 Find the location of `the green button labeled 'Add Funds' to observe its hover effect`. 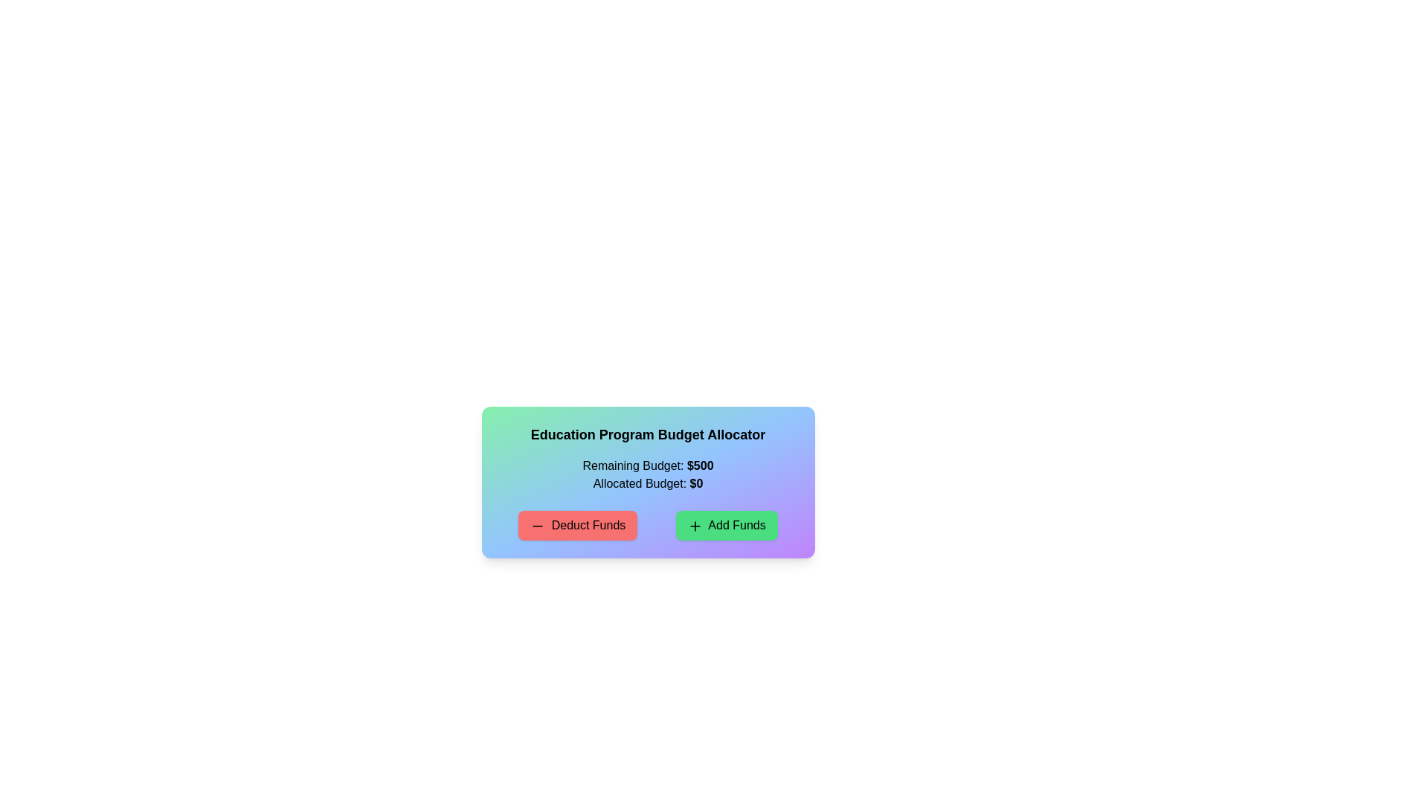

the green button labeled 'Add Funds' to observe its hover effect is located at coordinates (727, 524).